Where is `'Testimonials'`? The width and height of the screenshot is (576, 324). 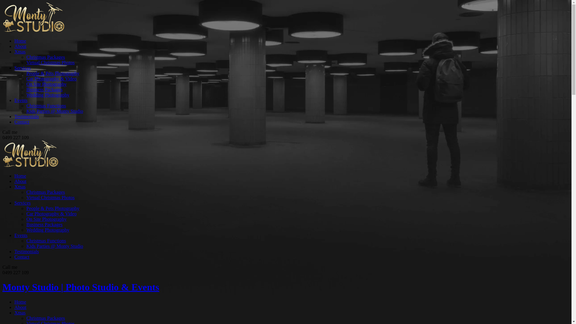 'Testimonials' is located at coordinates (26, 251).